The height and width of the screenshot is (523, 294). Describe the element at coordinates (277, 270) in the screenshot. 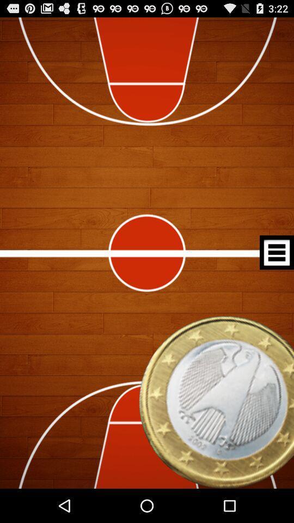

I see `the menu icon` at that location.